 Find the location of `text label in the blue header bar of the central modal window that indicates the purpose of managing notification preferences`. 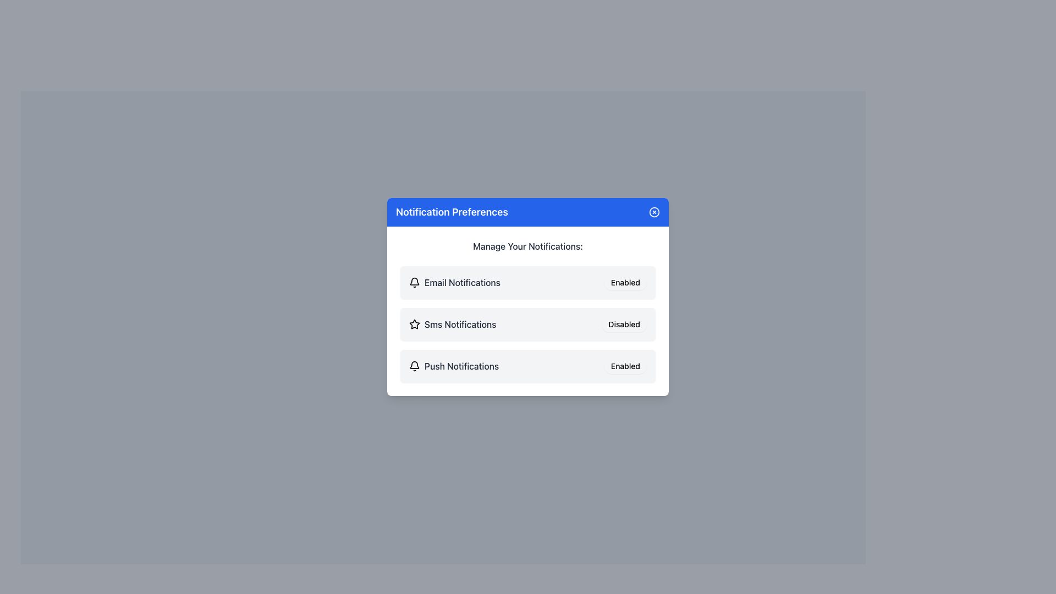

text label in the blue header bar of the central modal window that indicates the purpose of managing notification preferences is located at coordinates (452, 212).